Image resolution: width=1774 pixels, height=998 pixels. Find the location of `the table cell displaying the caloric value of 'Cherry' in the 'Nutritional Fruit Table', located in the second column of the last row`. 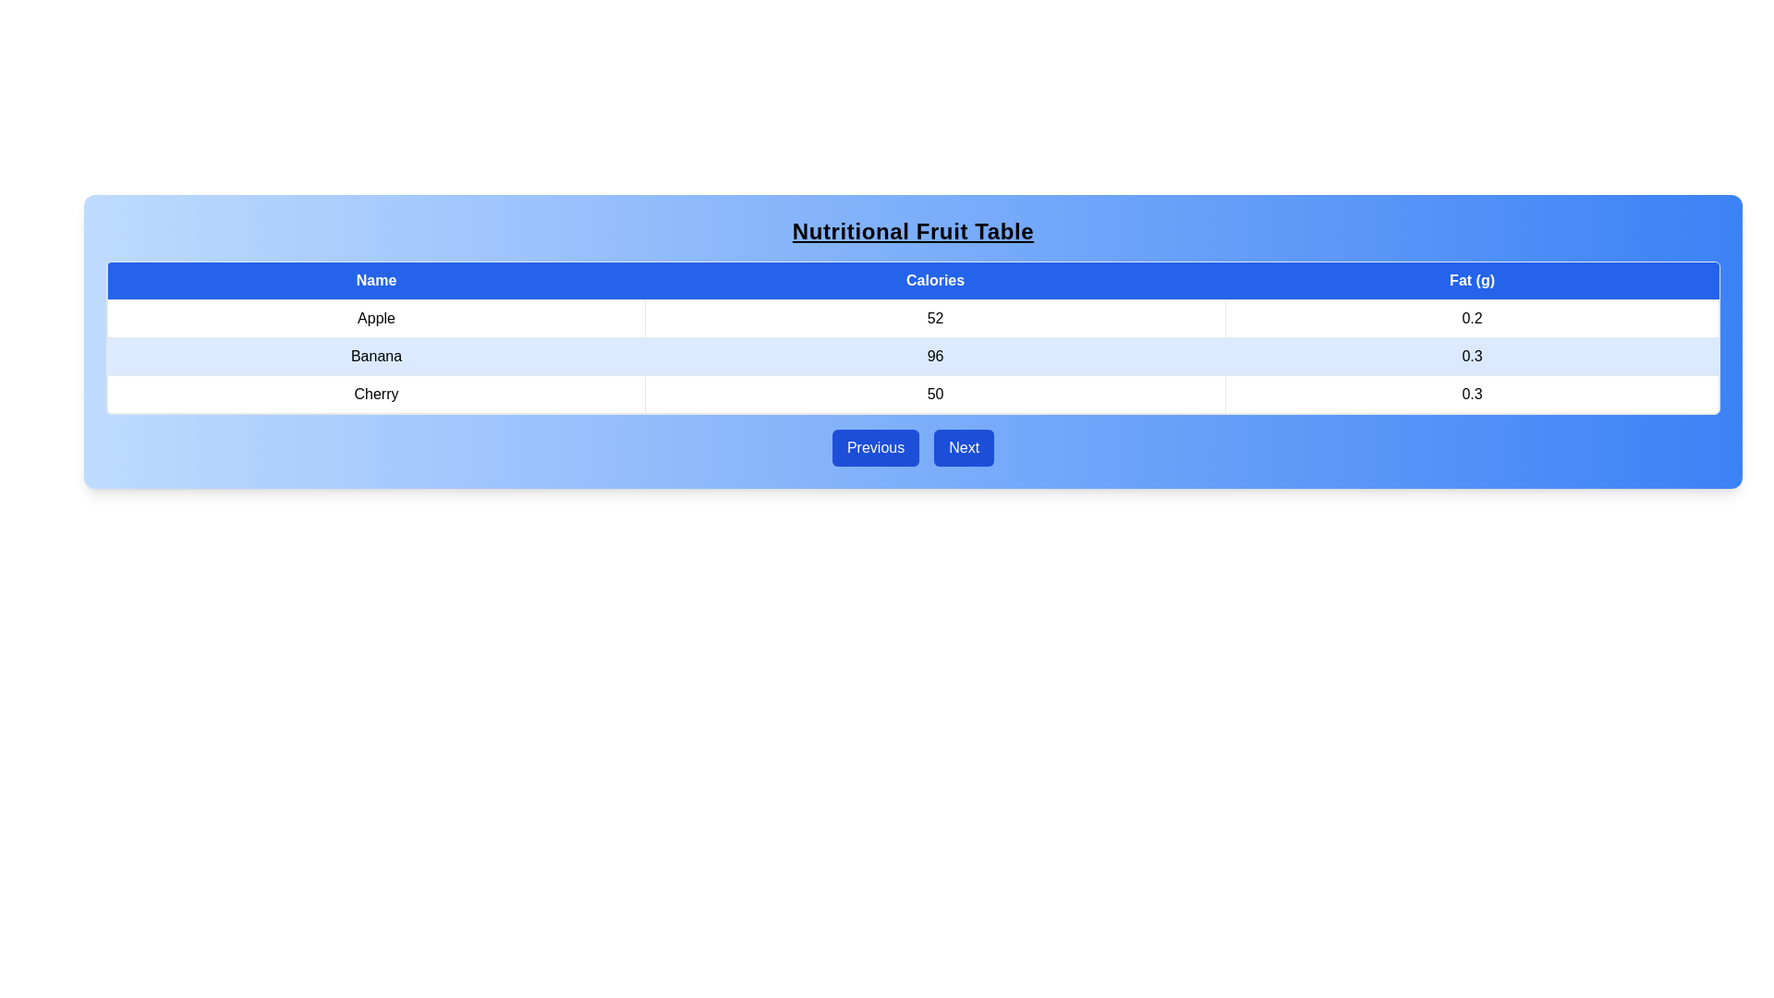

the table cell displaying the caloric value of 'Cherry' in the 'Nutritional Fruit Table', located in the second column of the last row is located at coordinates (935, 394).